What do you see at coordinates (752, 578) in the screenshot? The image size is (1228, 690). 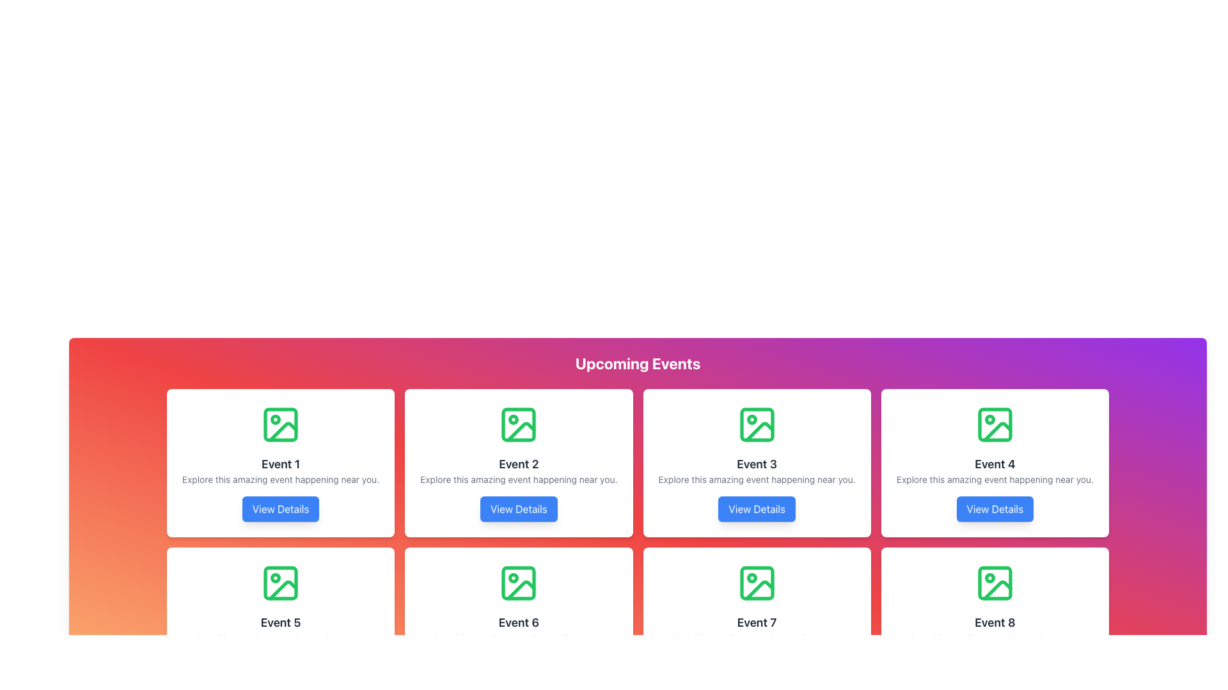 I see `the small circular graphical marker located within the image icon of 'Event 7', which features a mountainscape and sun motif, positioned near the top-left of the image's inner area` at bounding box center [752, 578].